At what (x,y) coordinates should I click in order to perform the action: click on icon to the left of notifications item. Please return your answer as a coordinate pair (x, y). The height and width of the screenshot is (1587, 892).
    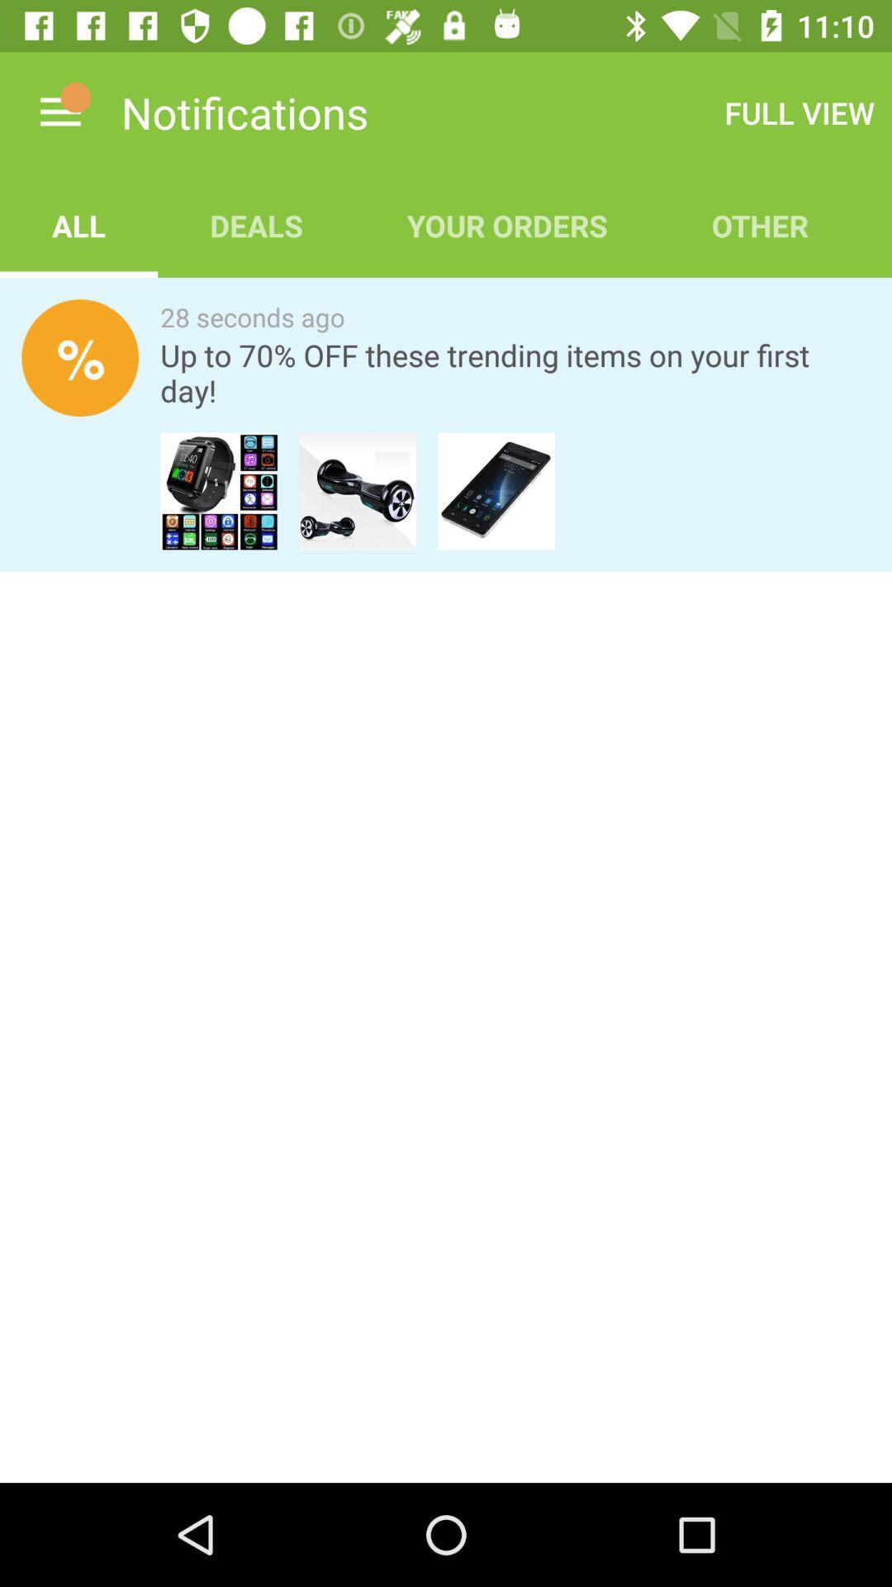
    Looking at the image, I should click on (59, 112).